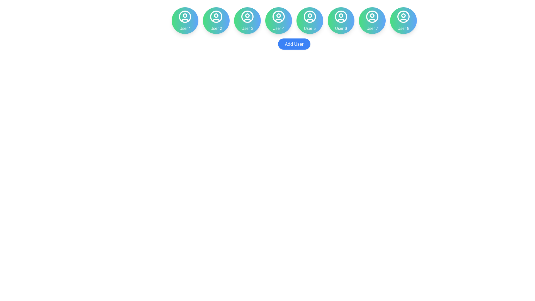  I want to click on the circular user button representing the user profile, located at the far right of the horizontal list of user buttons, so click(403, 20).